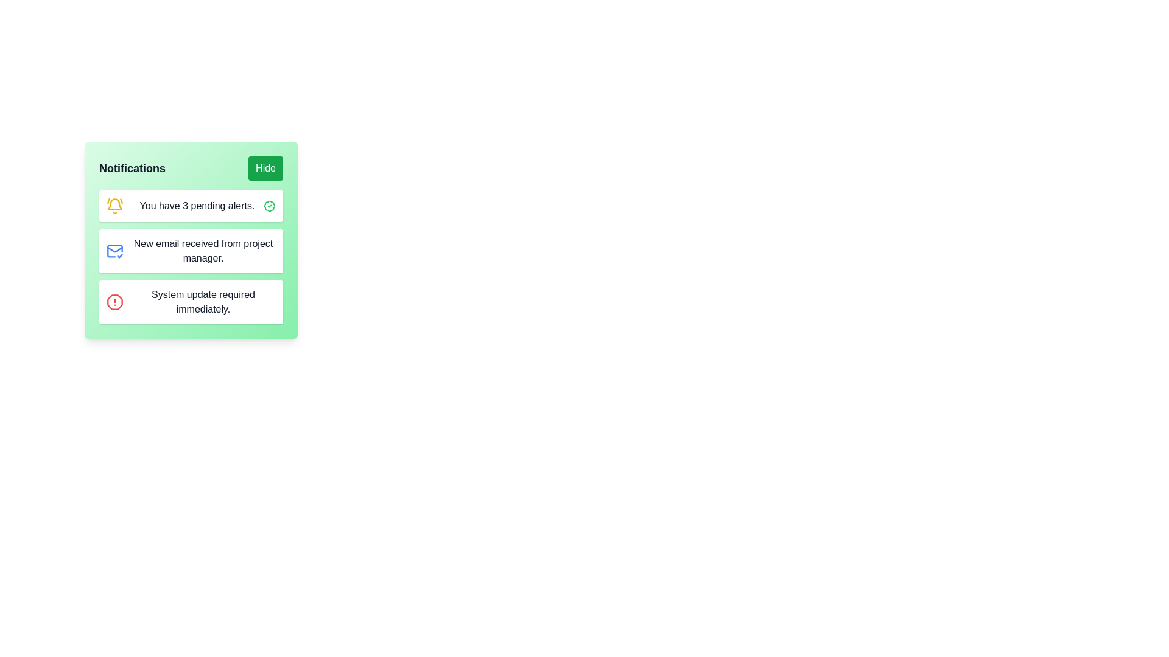 The width and height of the screenshot is (1169, 657). What do you see at coordinates (269, 206) in the screenshot?
I see `the green circular decorative SVG graphic element located at the top-right area of the notification panel` at bounding box center [269, 206].